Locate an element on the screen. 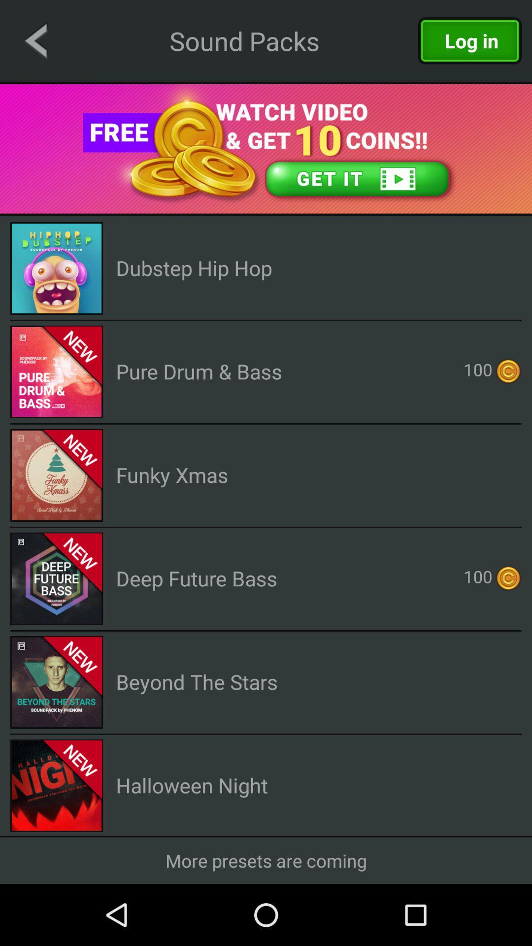  the arrow_backward icon is located at coordinates (35, 40).